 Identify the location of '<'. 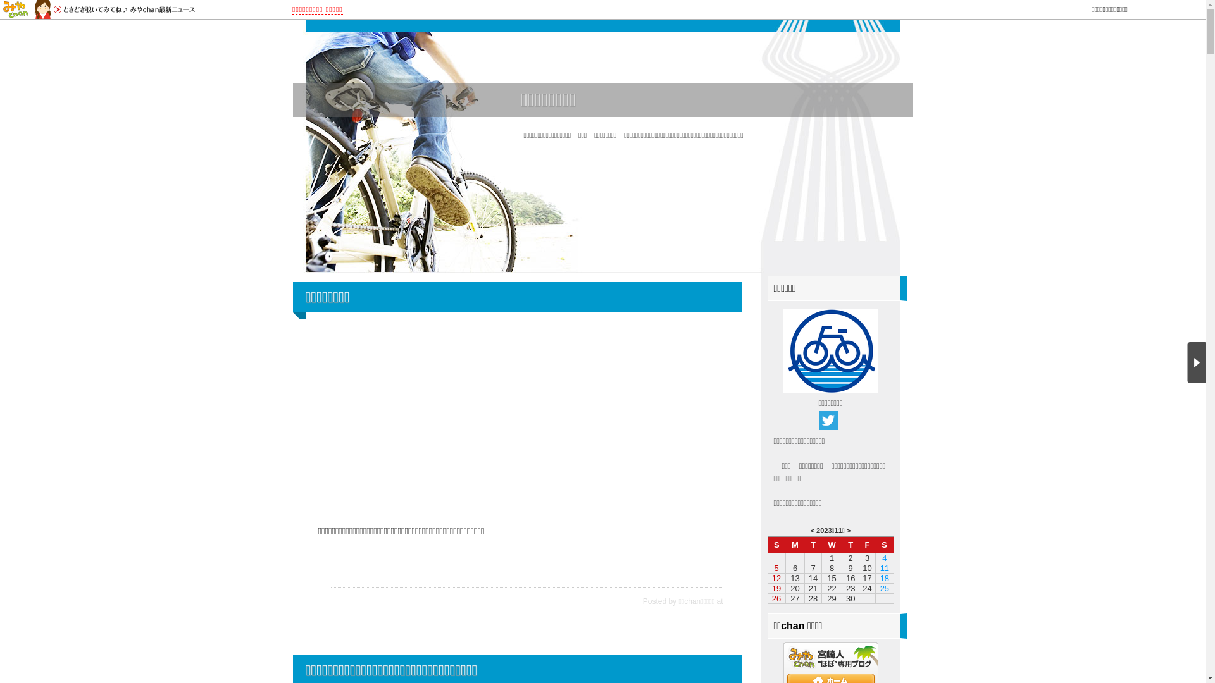
(812, 531).